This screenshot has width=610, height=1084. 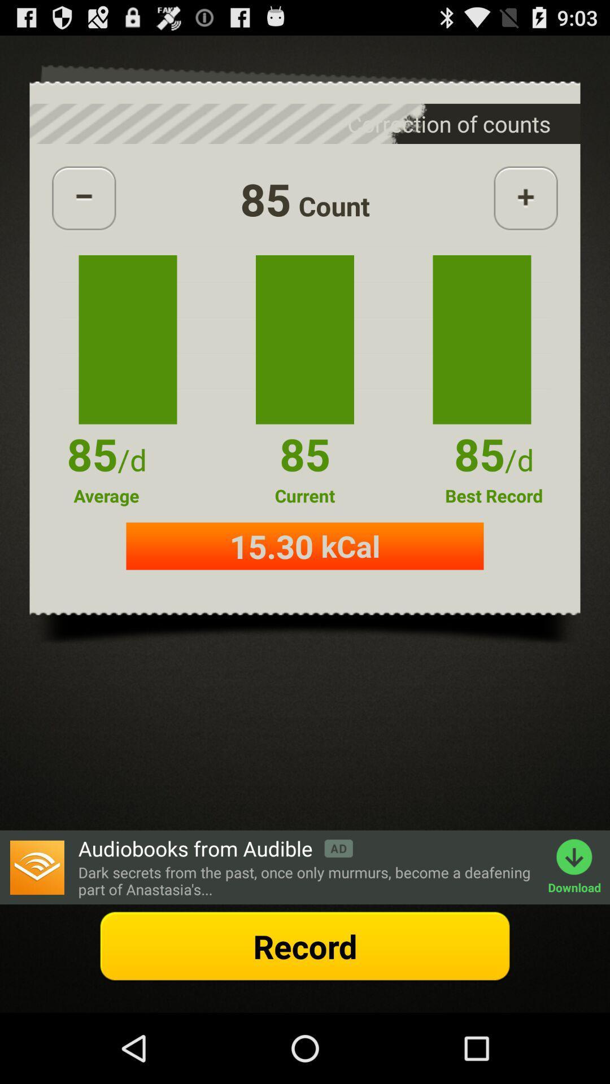 I want to click on the text which is above the add button, so click(x=477, y=124).